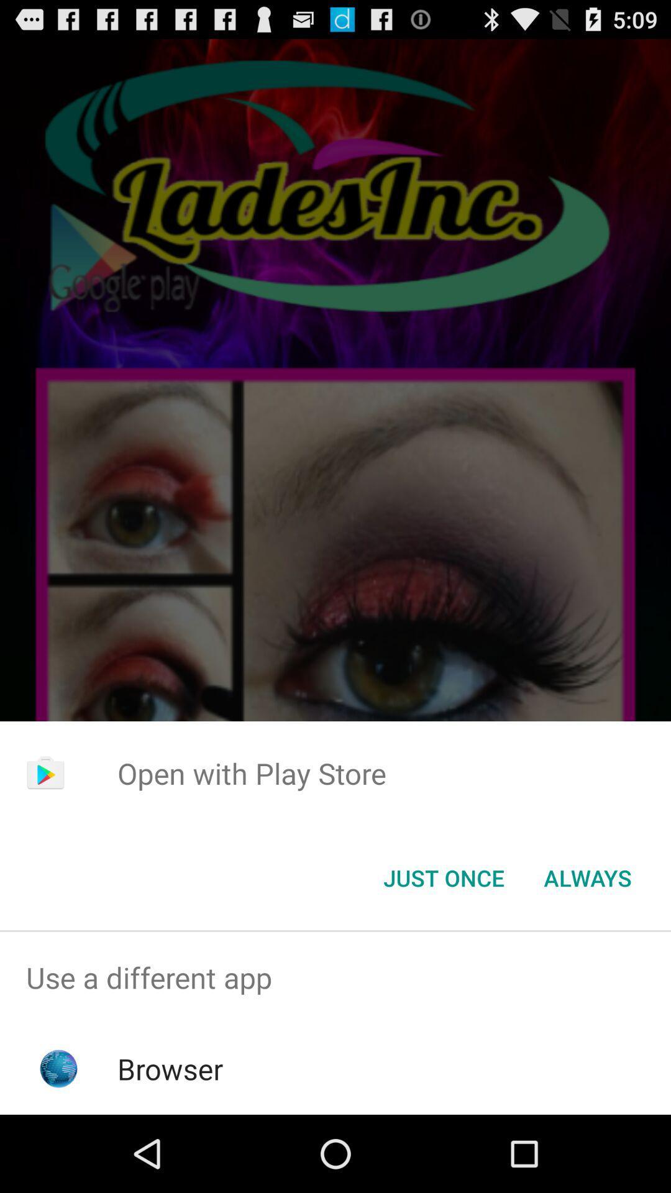 The image size is (671, 1193). What do you see at coordinates (335, 977) in the screenshot?
I see `the use a different item` at bounding box center [335, 977].